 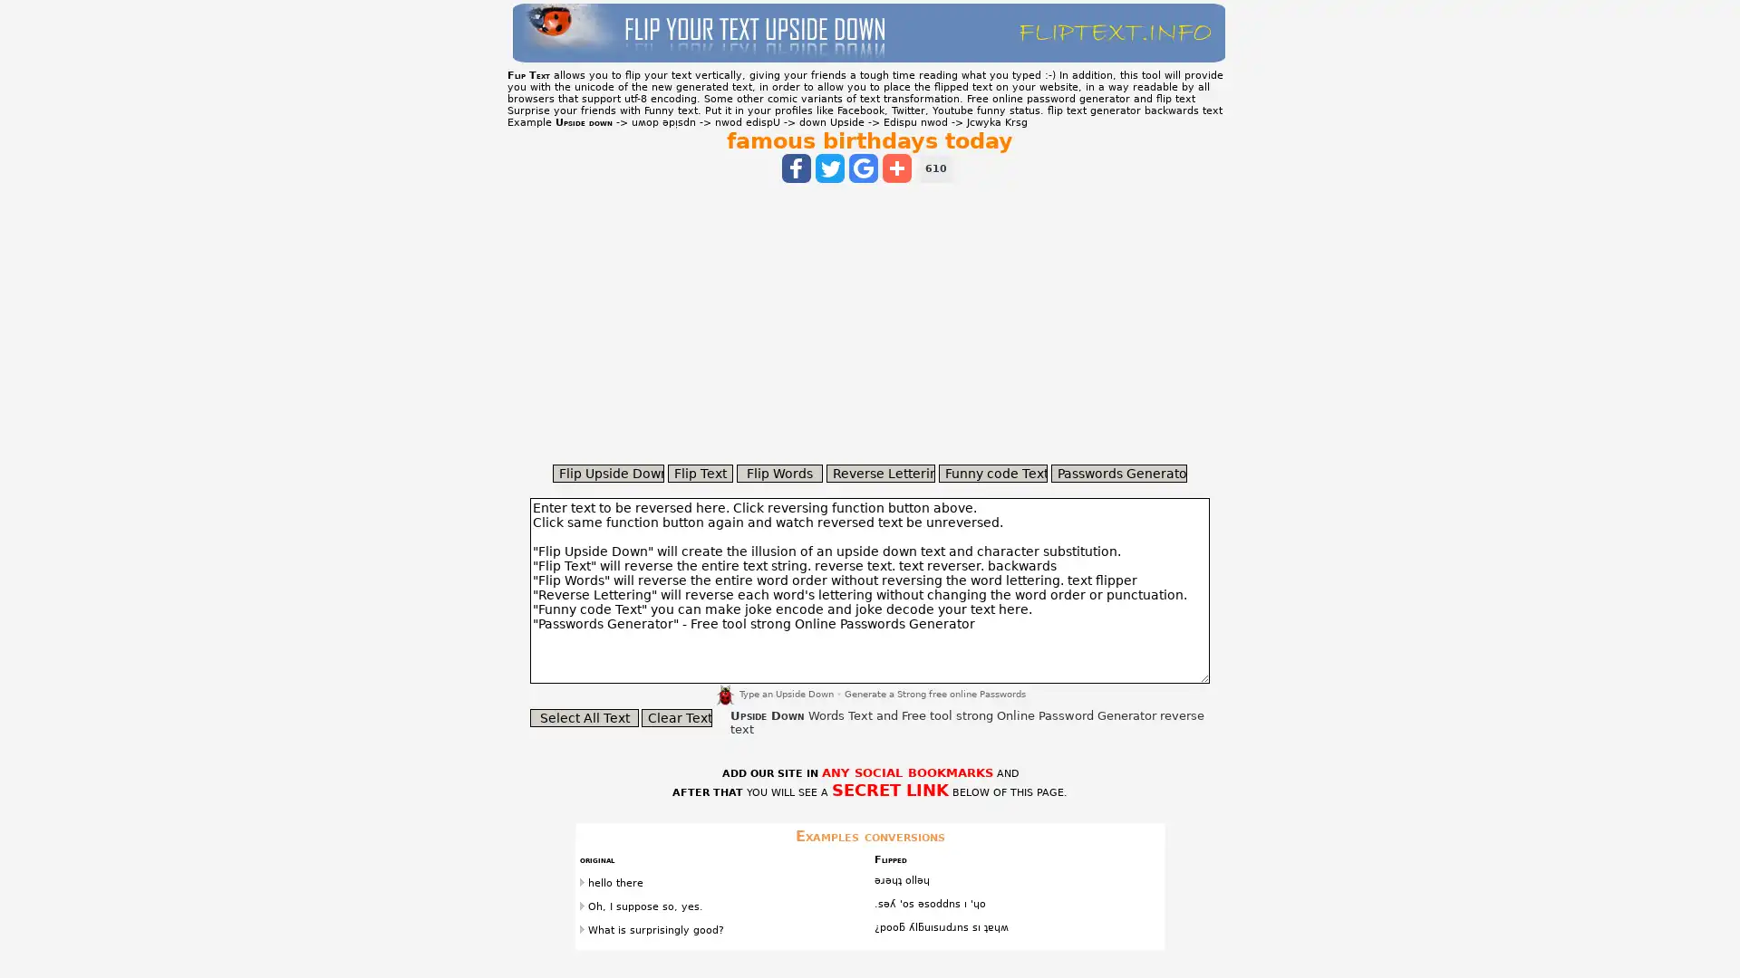 What do you see at coordinates (584, 717) in the screenshot?
I see `Select All Text` at bounding box center [584, 717].